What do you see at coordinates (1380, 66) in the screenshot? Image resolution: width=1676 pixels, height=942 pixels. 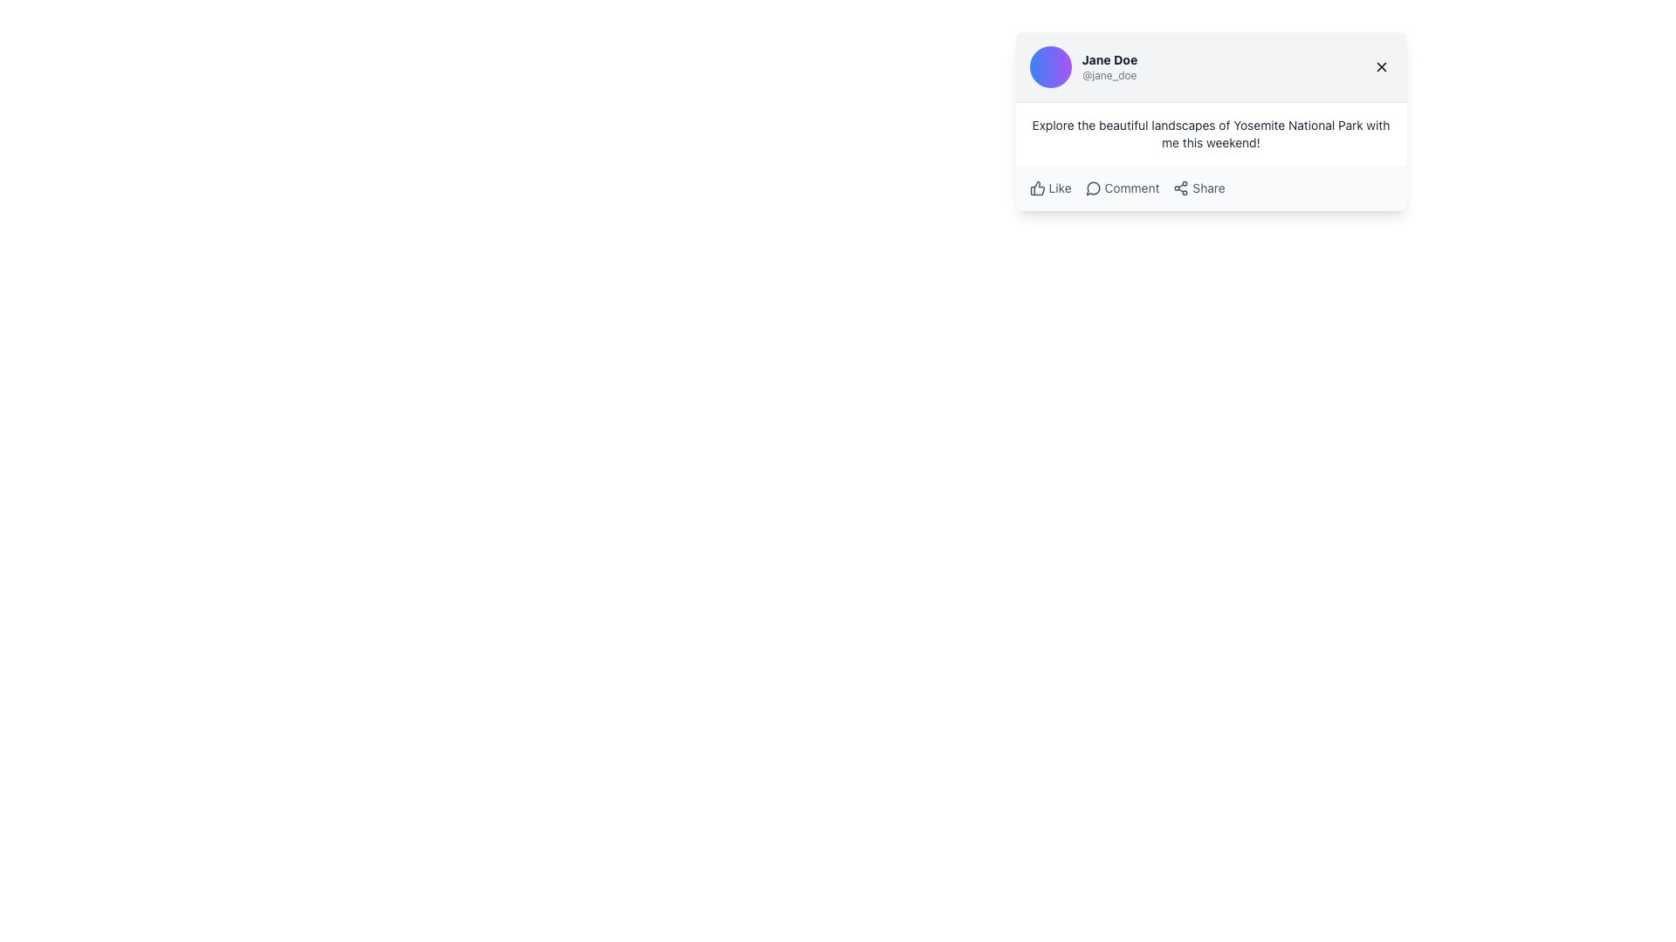 I see `the close button located in the upper-right corner of the user post card interface` at bounding box center [1380, 66].